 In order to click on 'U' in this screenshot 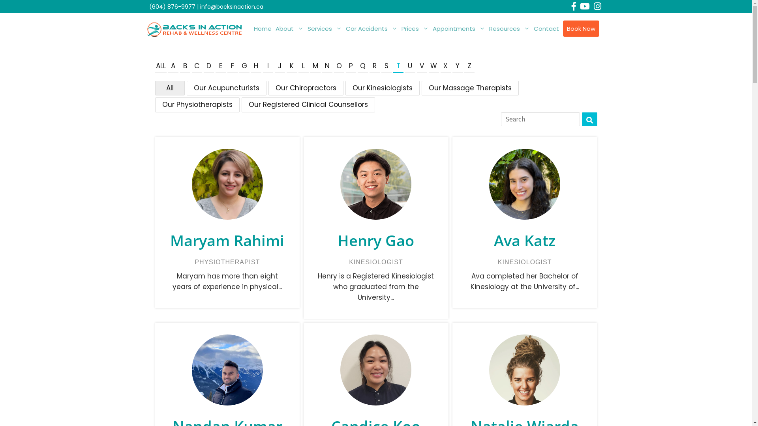, I will do `click(410, 66)`.